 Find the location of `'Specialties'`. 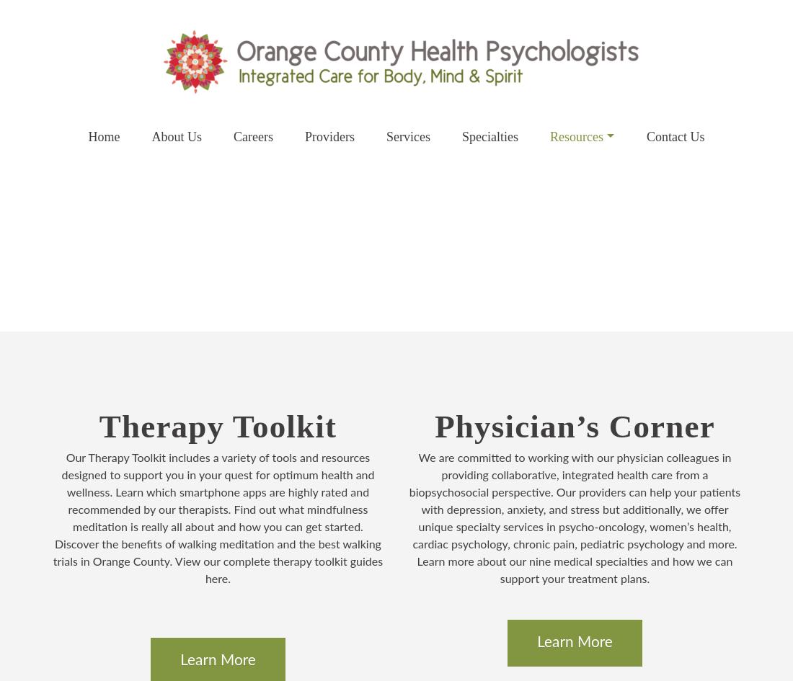

'Specialties' is located at coordinates (489, 137).